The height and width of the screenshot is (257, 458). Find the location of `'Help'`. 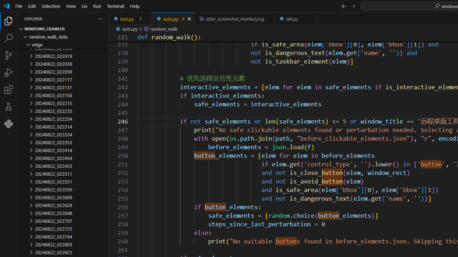

'Help' is located at coordinates (135, 6).